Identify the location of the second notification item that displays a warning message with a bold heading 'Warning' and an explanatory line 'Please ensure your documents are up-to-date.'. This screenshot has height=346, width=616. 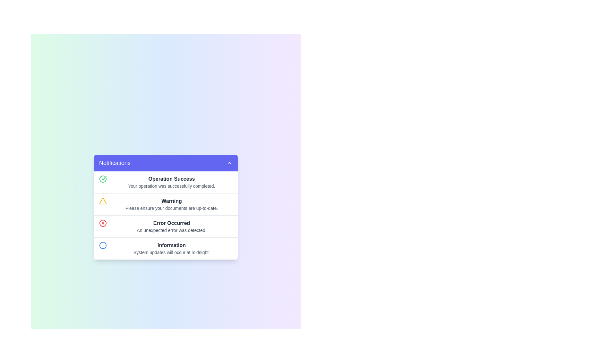
(166, 204).